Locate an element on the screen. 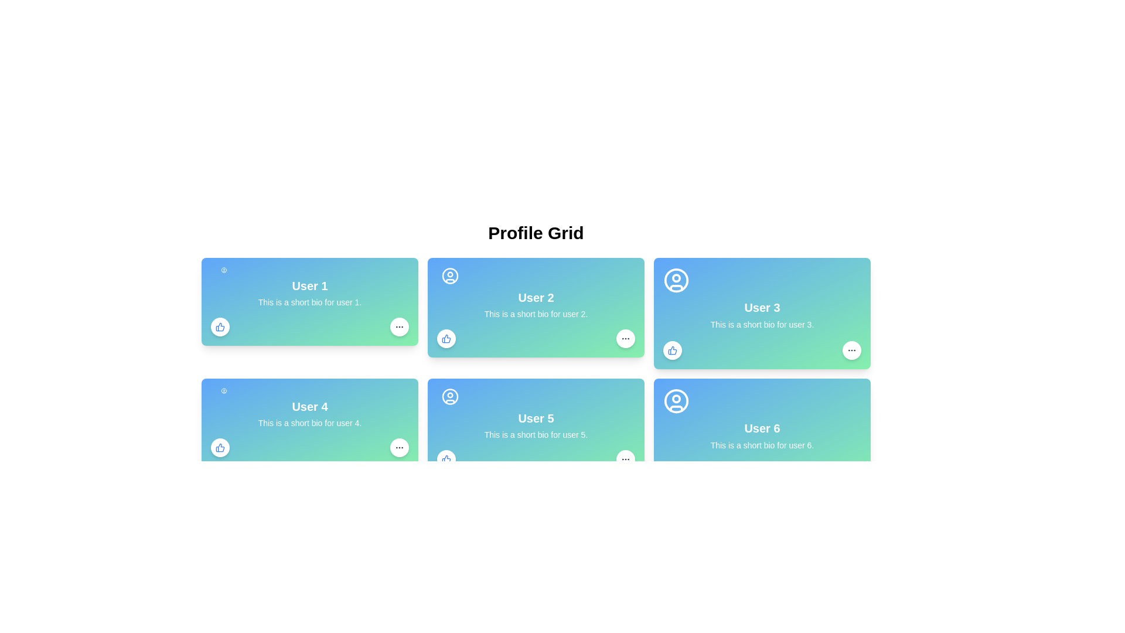  the menu trigger button located in the bottom-right corner of the 'User 6' card is located at coordinates (399, 567).